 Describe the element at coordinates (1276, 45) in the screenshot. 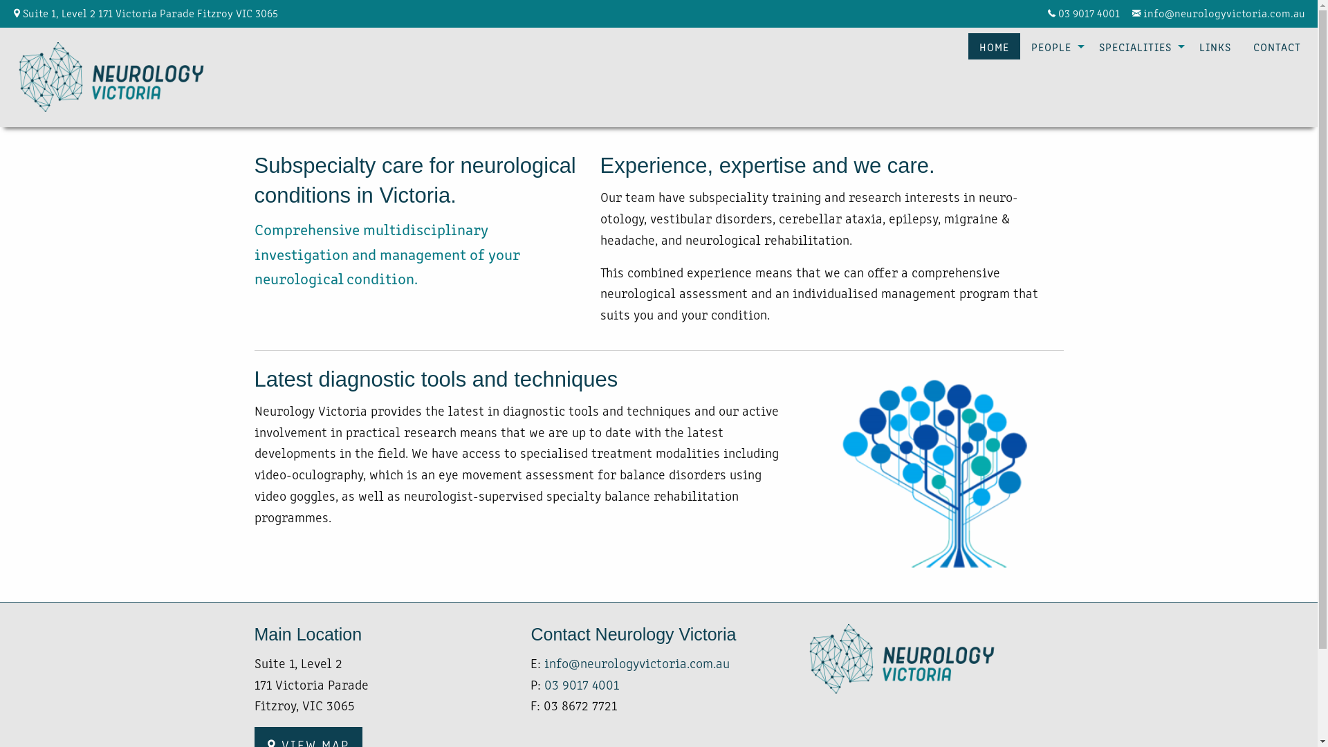

I see `'CONTACT'` at that location.